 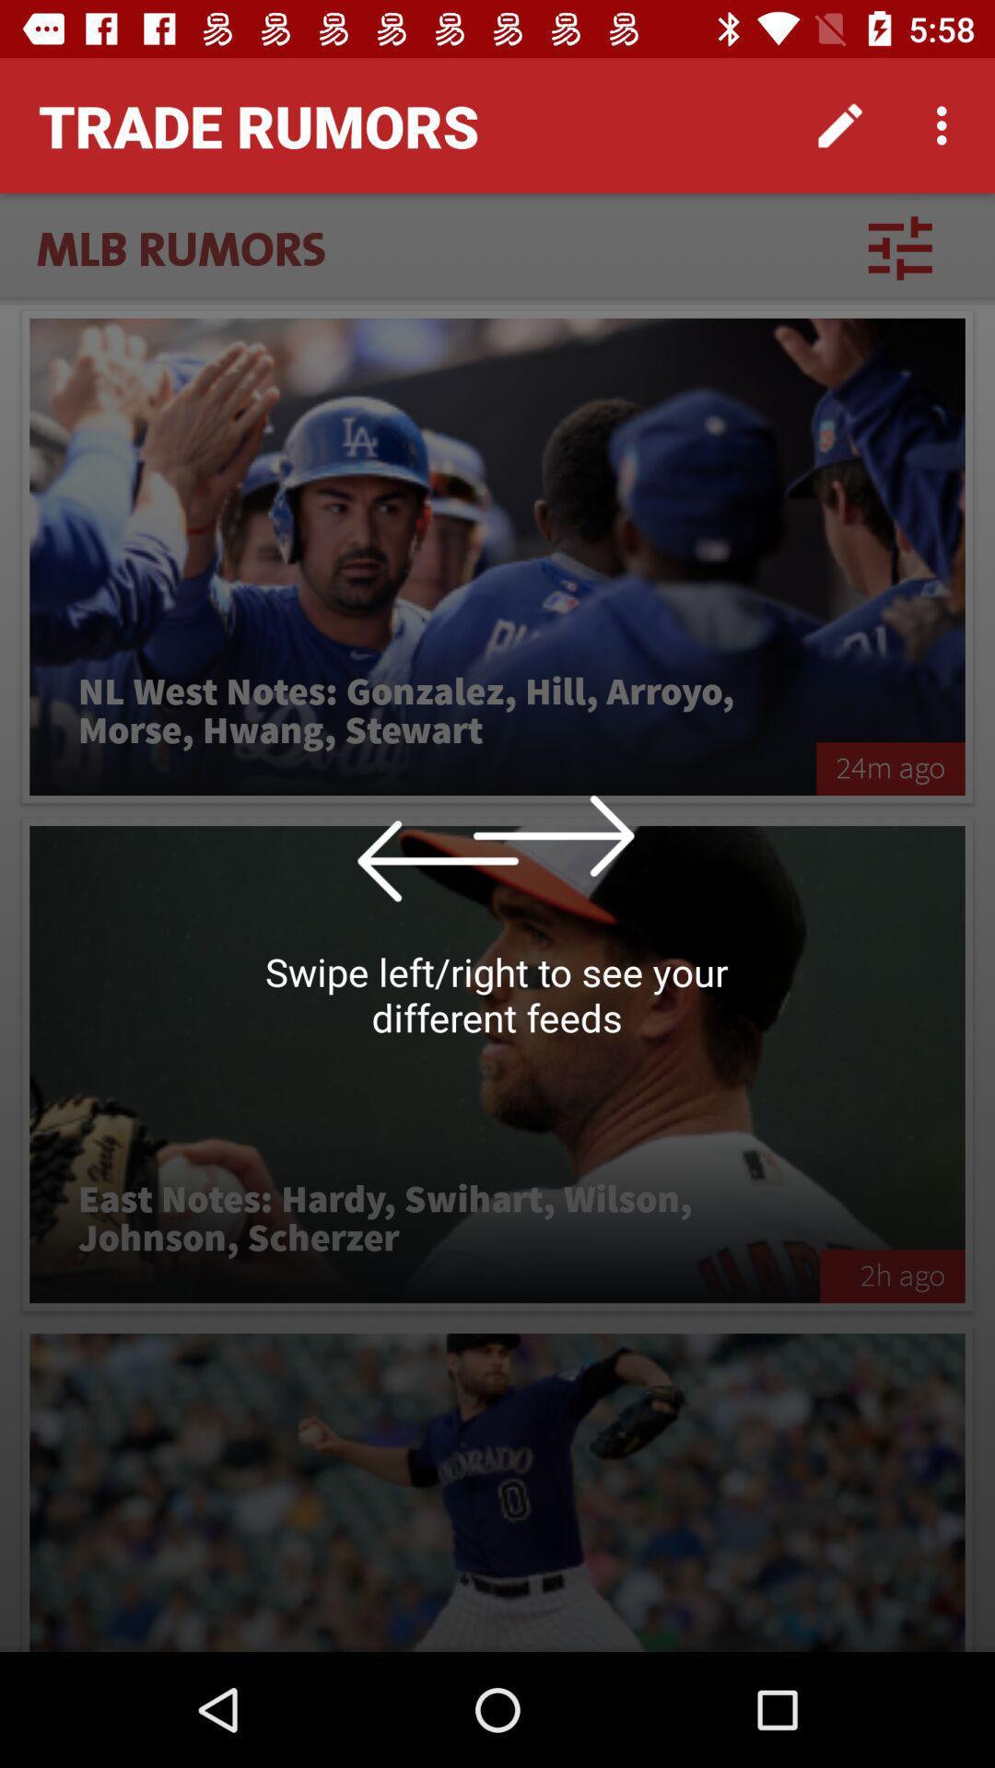 What do you see at coordinates (423, 711) in the screenshot?
I see `icon to the left of the 24m ago` at bounding box center [423, 711].